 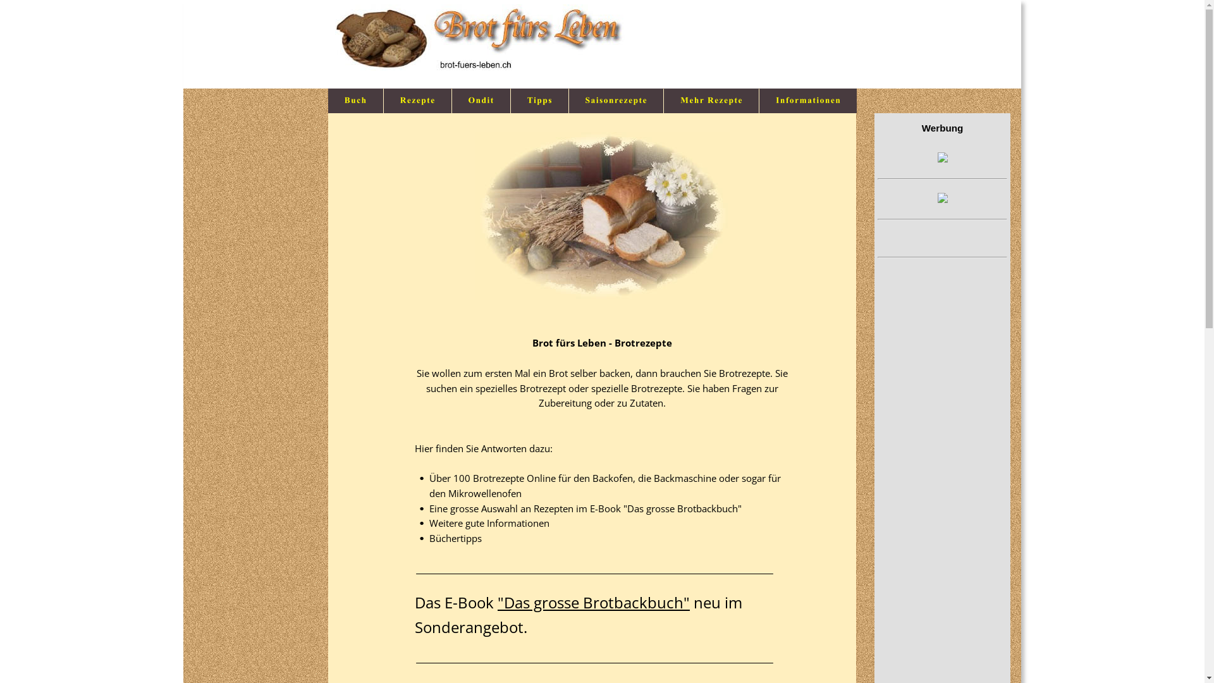 What do you see at coordinates (593, 601) in the screenshot?
I see `'"Das grosse Brotbackbuch"'` at bounding box center [593, 601].